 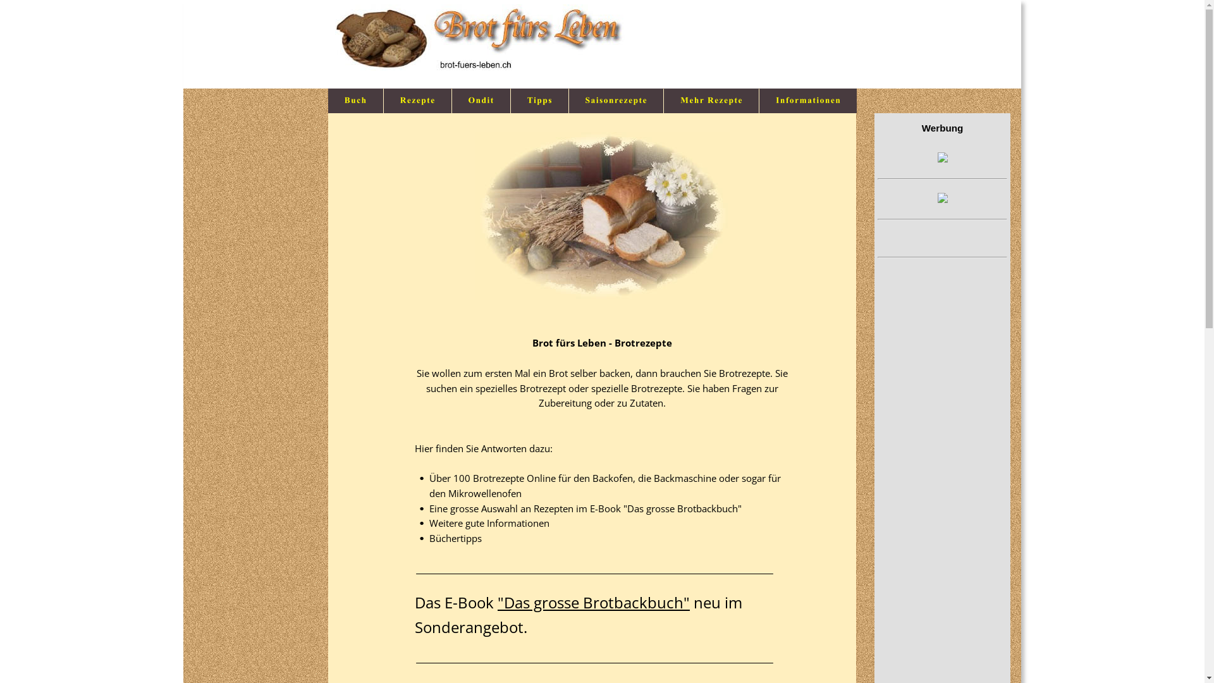 What do you see at coordinates (593, 601) in the screenshot?
I see `'"Das grosse Brotbackbuch"'` at bounding box center [593, 601].